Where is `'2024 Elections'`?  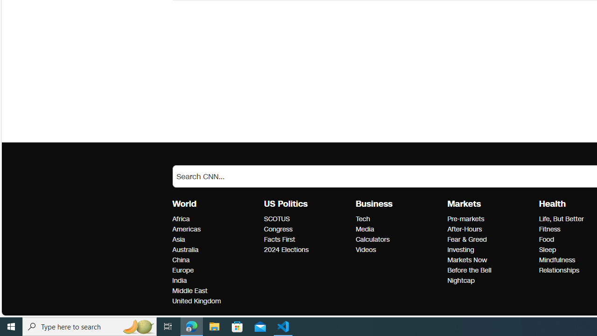
'2024 Elections' is located at coordinates (307, 250).